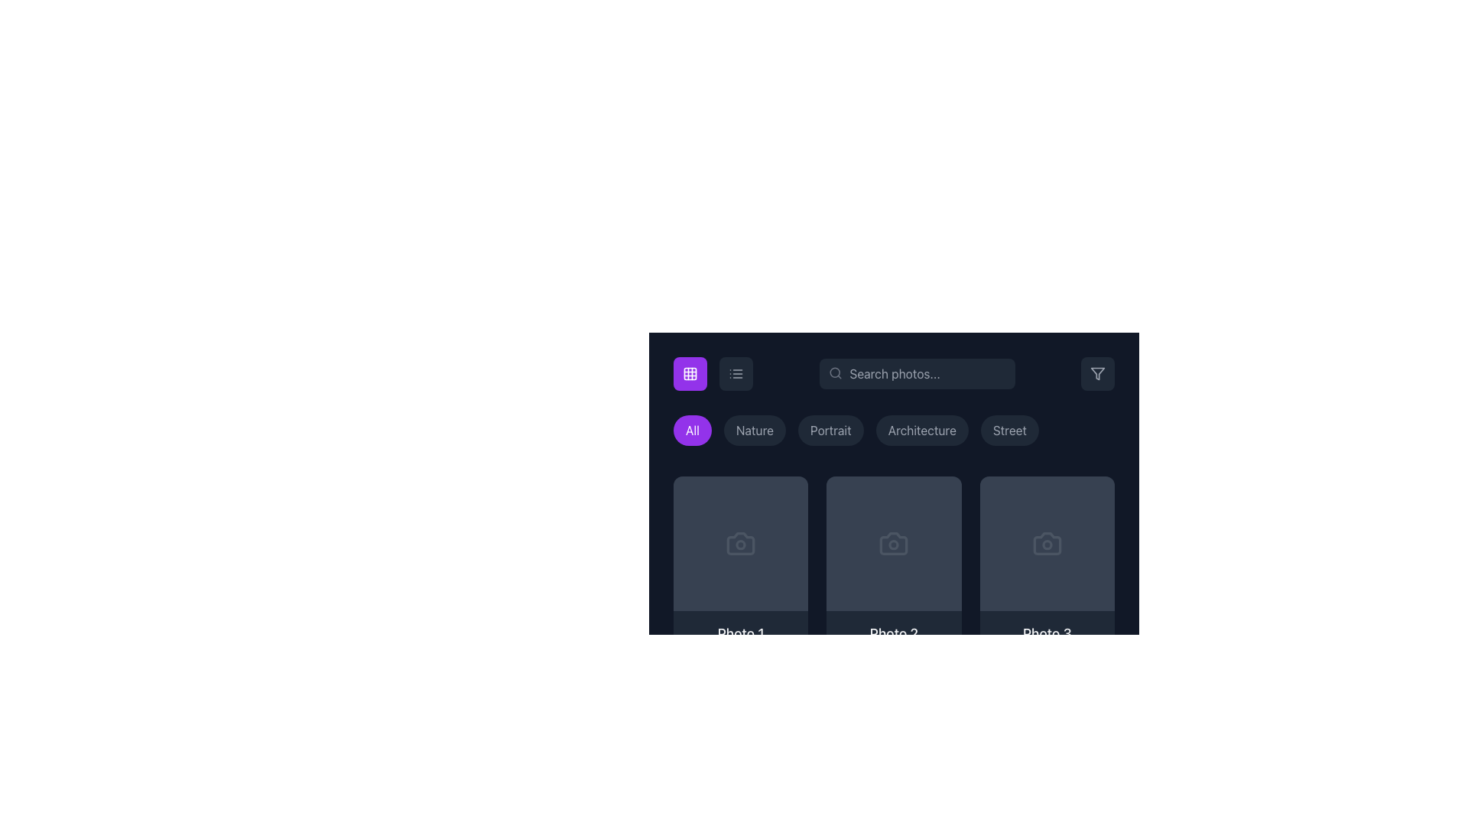  I want to click on the 'Architecture' button, which is the fourth button in a row of category filters, to change its background color, so click(894, 434).